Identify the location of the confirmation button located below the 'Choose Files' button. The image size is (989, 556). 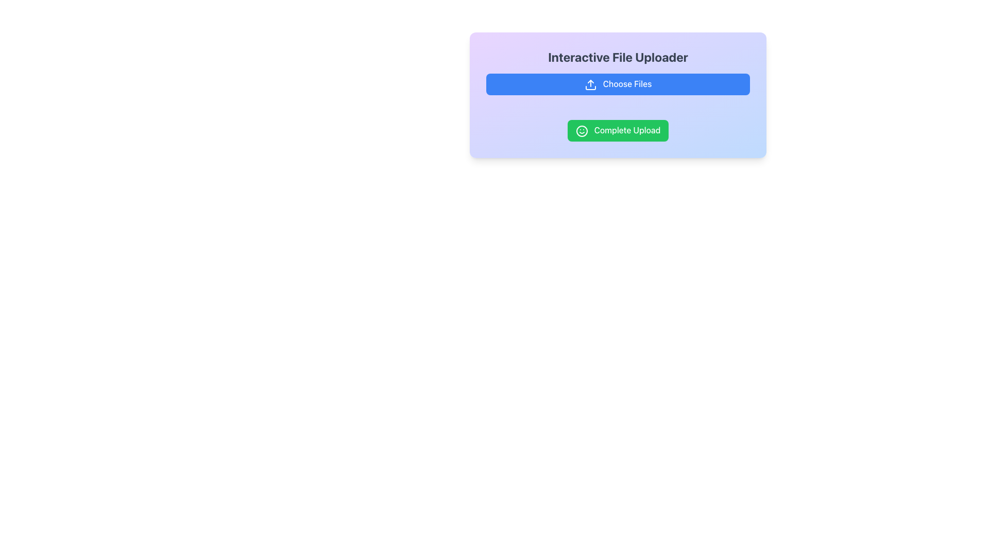
(618, 130).